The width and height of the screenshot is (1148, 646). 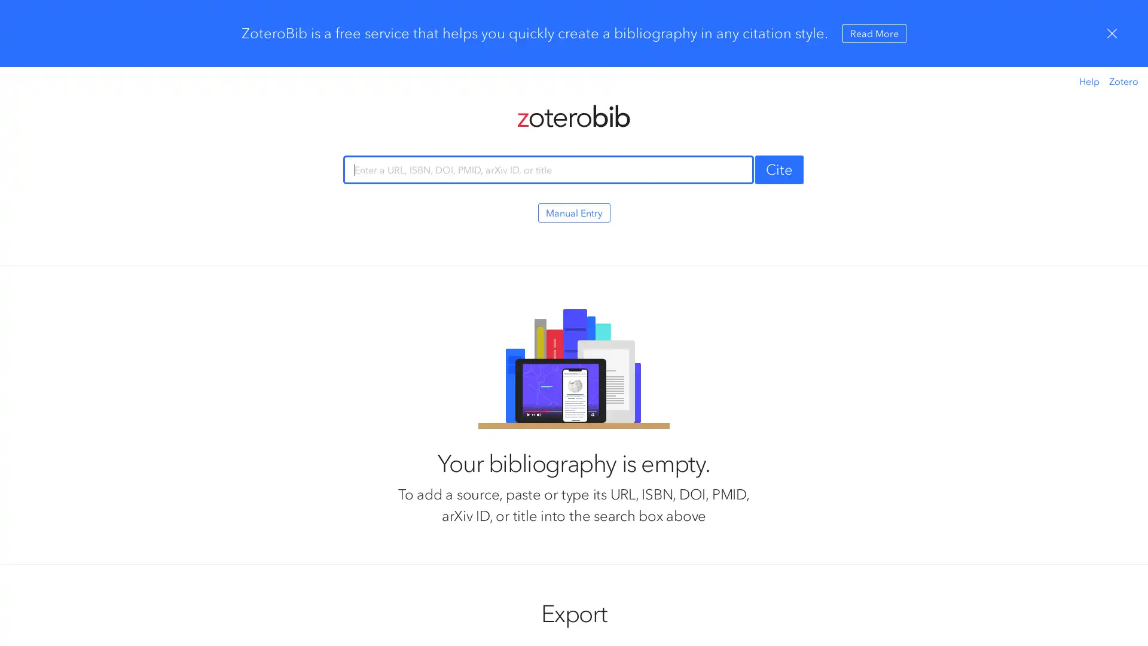 I want to click on Read More, so click(x=874, y=33).